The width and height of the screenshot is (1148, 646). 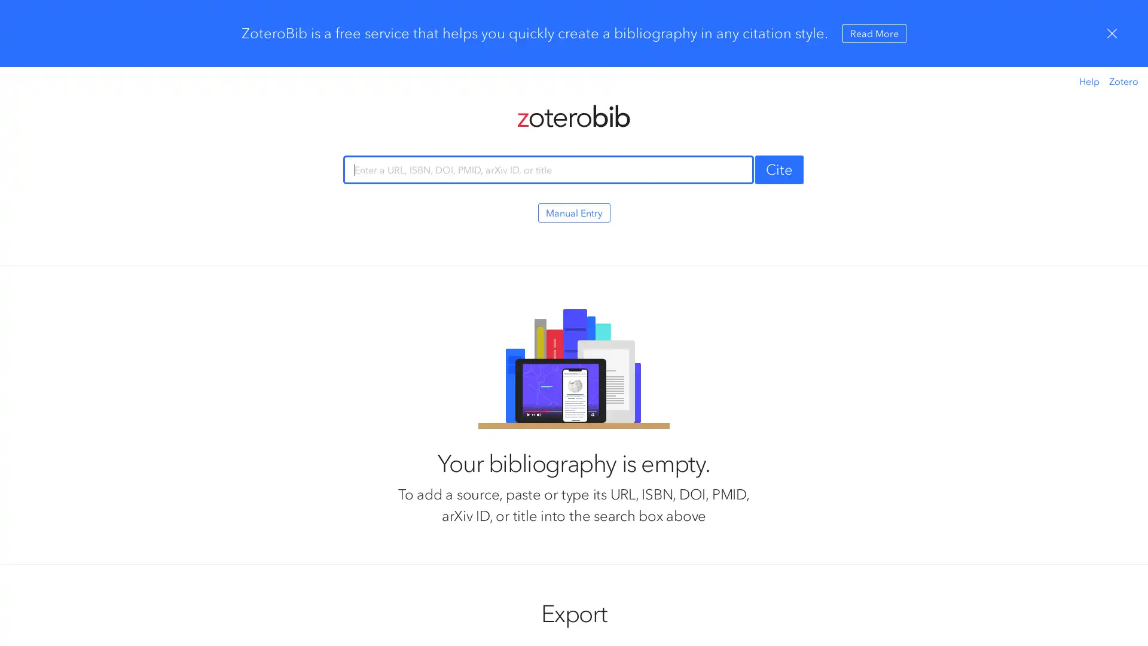 I want to click on Read More, so click(x=874, y=33).